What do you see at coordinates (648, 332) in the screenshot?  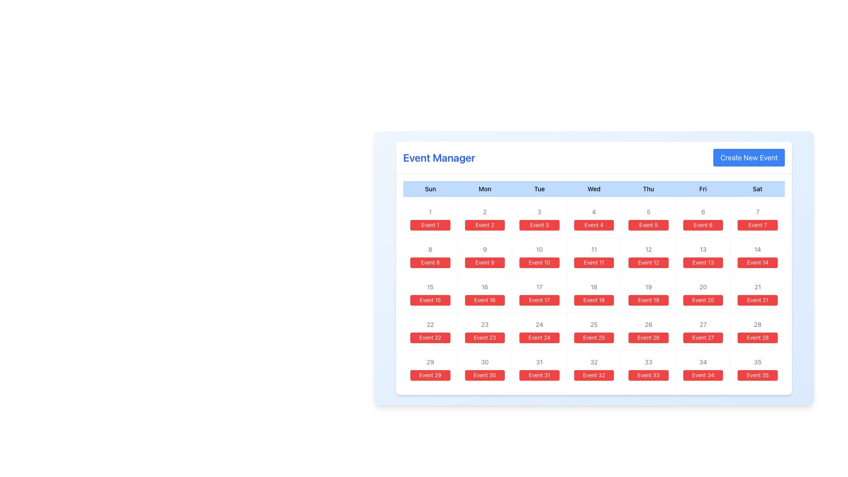 I see `the Date and event indicator representing an event scheduled for the 26th day of the month, located in the 5th column of the 4th row within a 7-column grid layout` at bounding box center [648, 332].